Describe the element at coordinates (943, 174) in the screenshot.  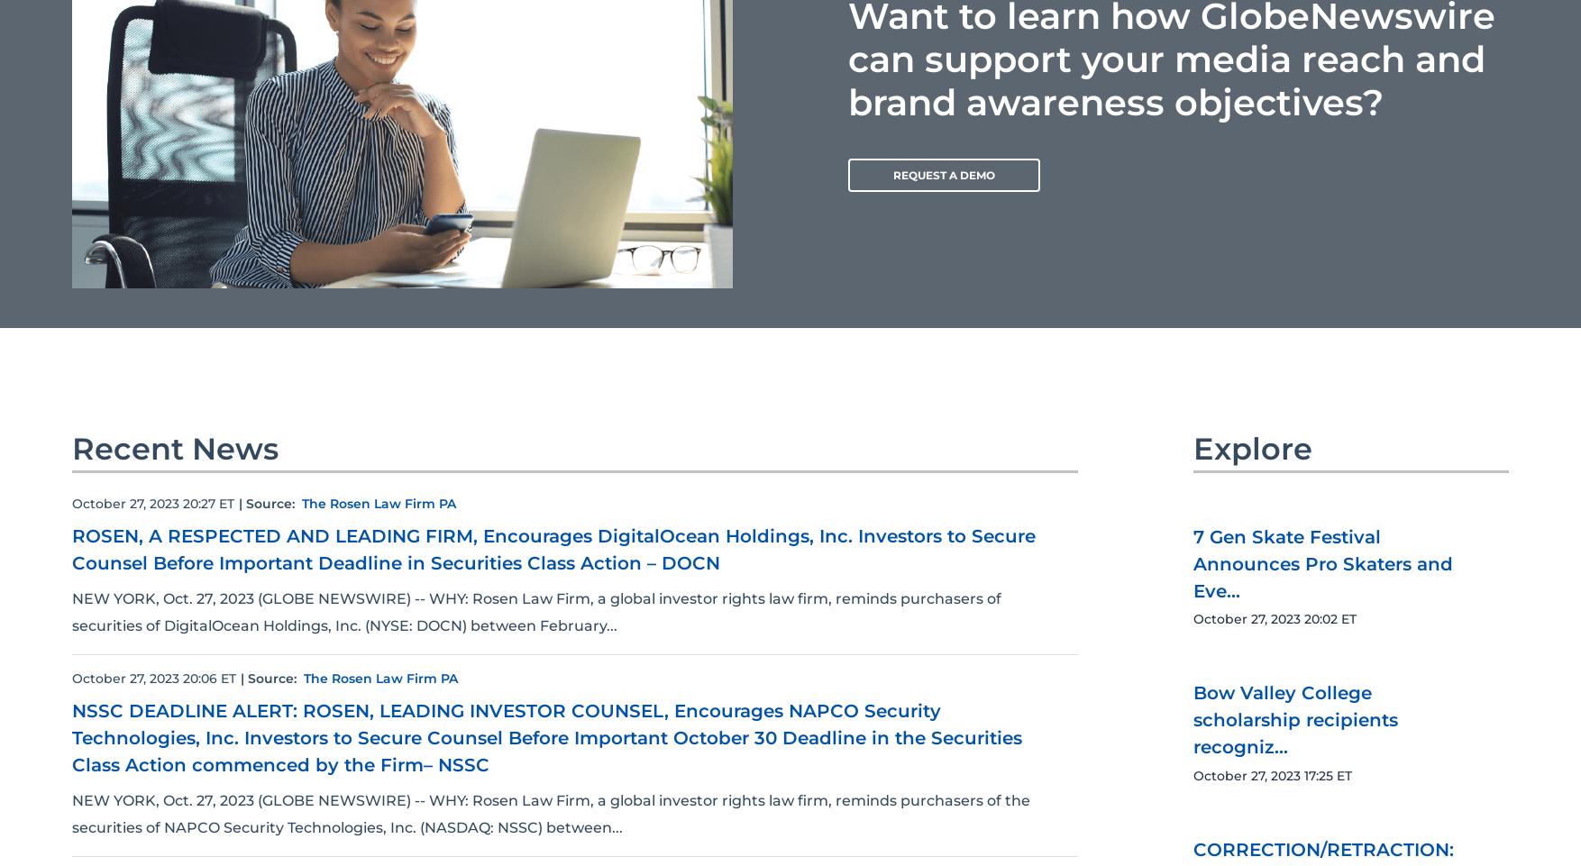
I see `'REQUEST A DEMO'` at that location.